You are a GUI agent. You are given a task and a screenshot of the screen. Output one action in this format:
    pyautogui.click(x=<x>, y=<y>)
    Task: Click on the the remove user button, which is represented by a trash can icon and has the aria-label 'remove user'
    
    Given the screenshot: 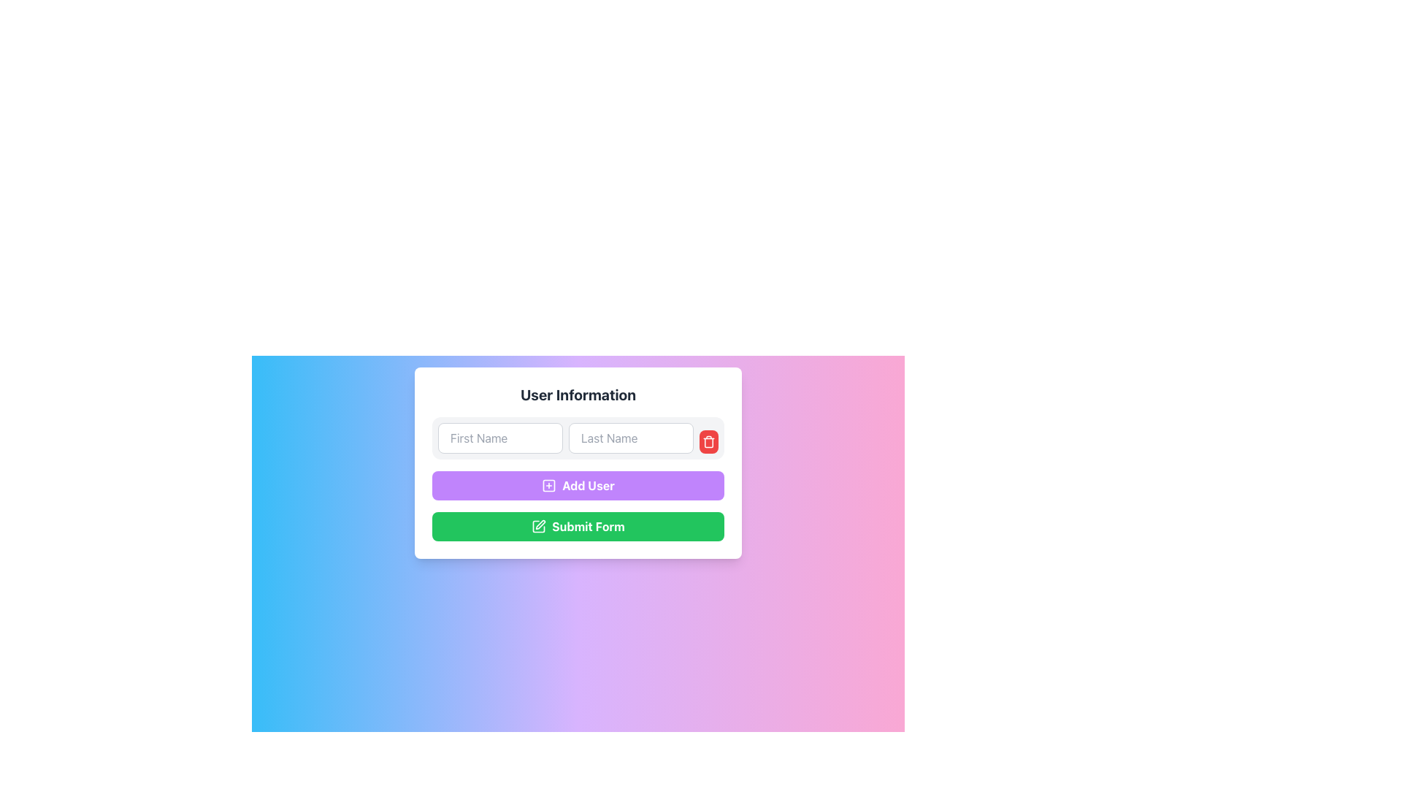 What is the action you would take?
    pyautogui.click(x=708, y=441)
    